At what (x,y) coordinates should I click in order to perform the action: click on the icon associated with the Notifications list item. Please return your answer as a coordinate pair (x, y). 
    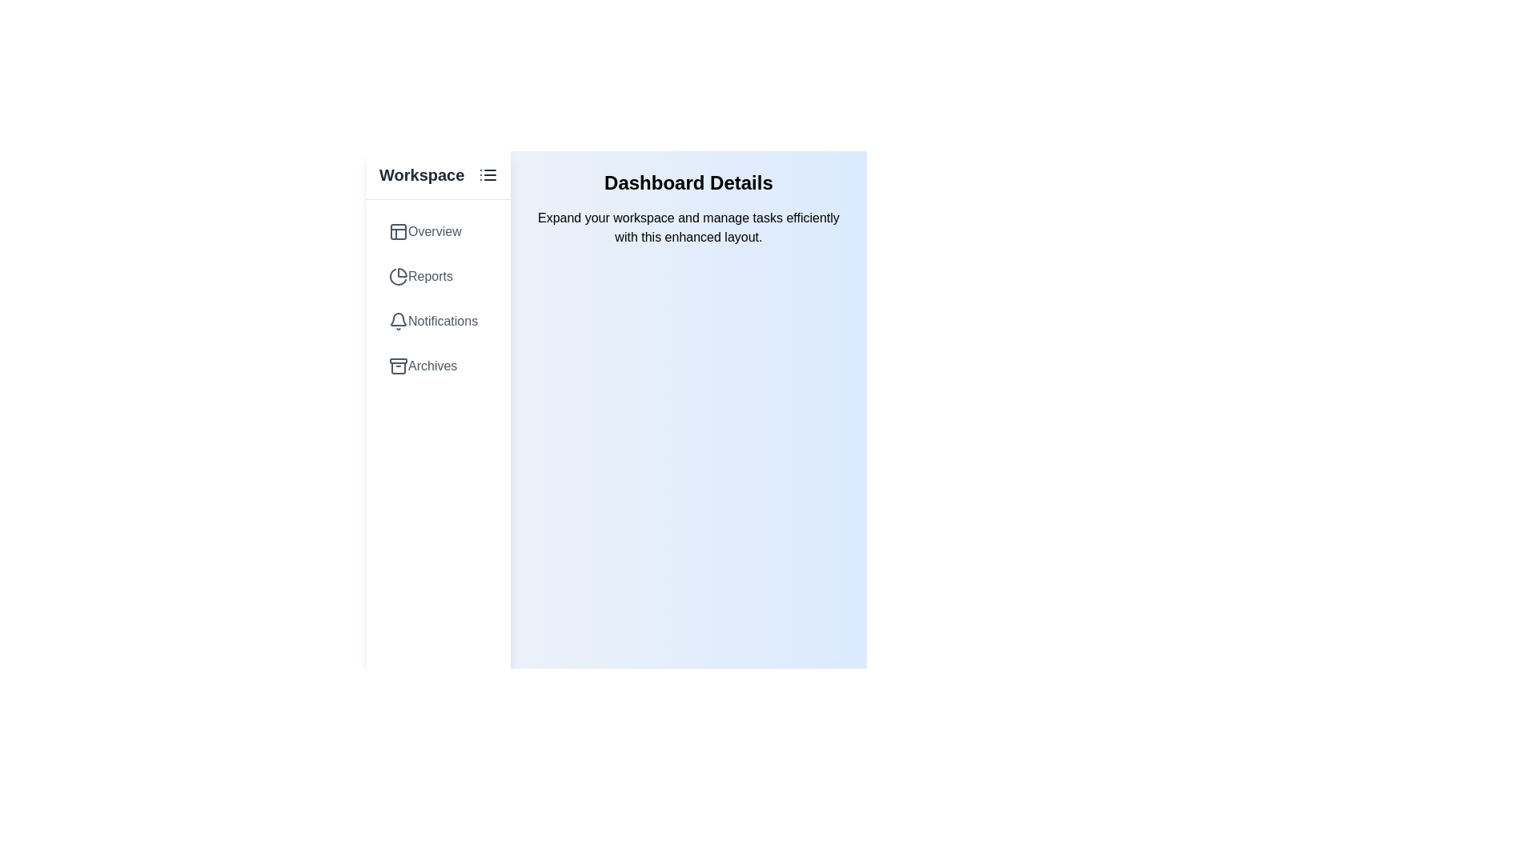
    Looking at the image, I should click on (399, 321).